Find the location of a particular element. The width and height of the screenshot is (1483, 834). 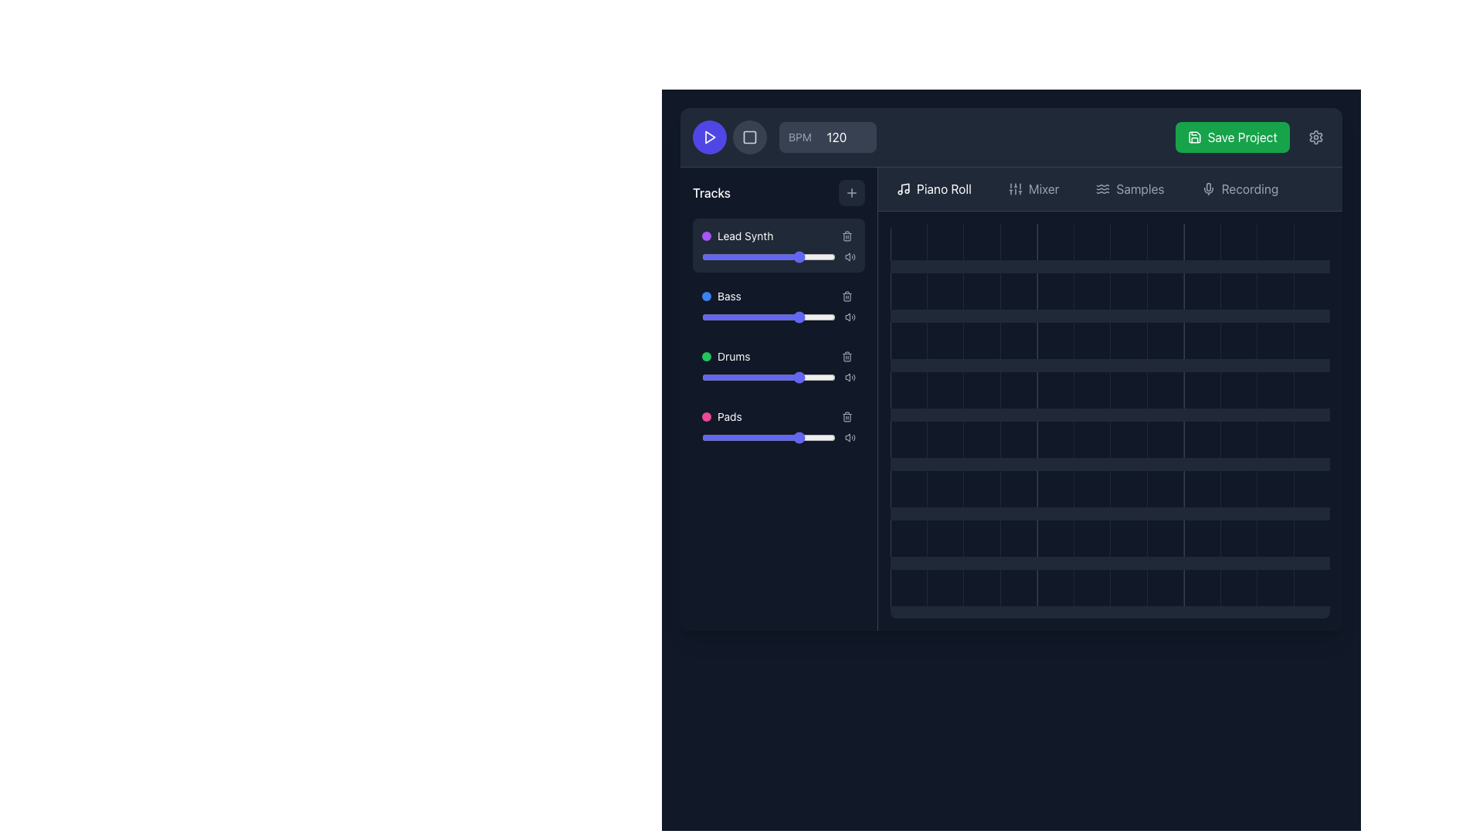

the Trash can body icon, which is a vertical rectangle with rounded corners, styled in a monochromatic scheme and positioned below the horizontal line of the trash icon is located at coordinates (847, 357).